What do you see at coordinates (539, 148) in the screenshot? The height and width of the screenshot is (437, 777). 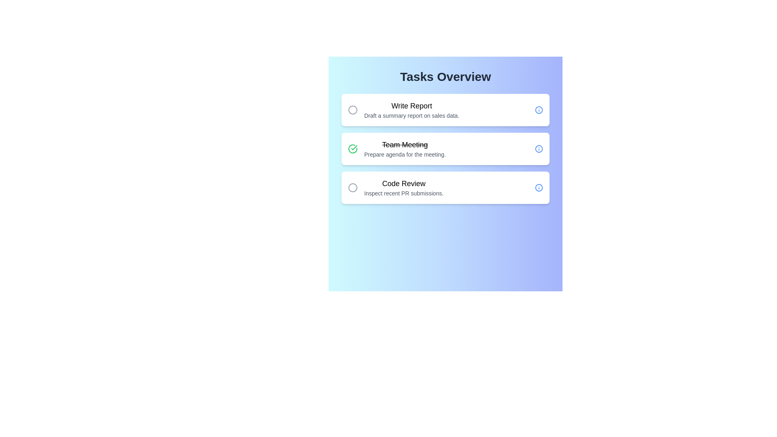 I see `the 'Info' icon for the task 'Team Meeting' to inspect its details` at bounding box center [539, 148].